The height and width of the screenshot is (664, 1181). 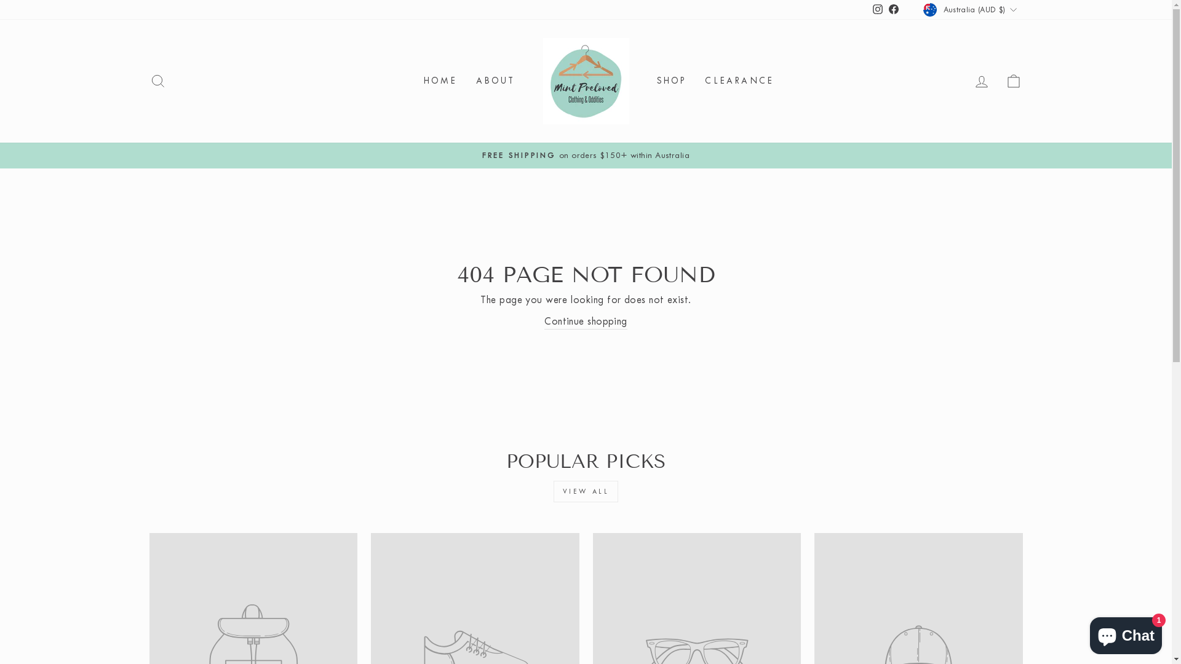 What do you see at coordinates (156, 81) in the screenshot?
I see `'SEARCH'` at bounding box center [156, 81].